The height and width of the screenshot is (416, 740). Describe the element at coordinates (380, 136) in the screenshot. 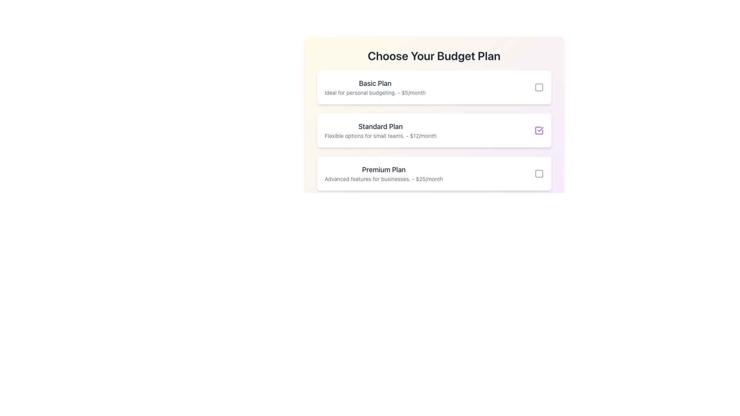

I see `descriptive text providing details about the 'Standard Plan', which states 'Flexible options for small teams. - $12/month'` at that location.